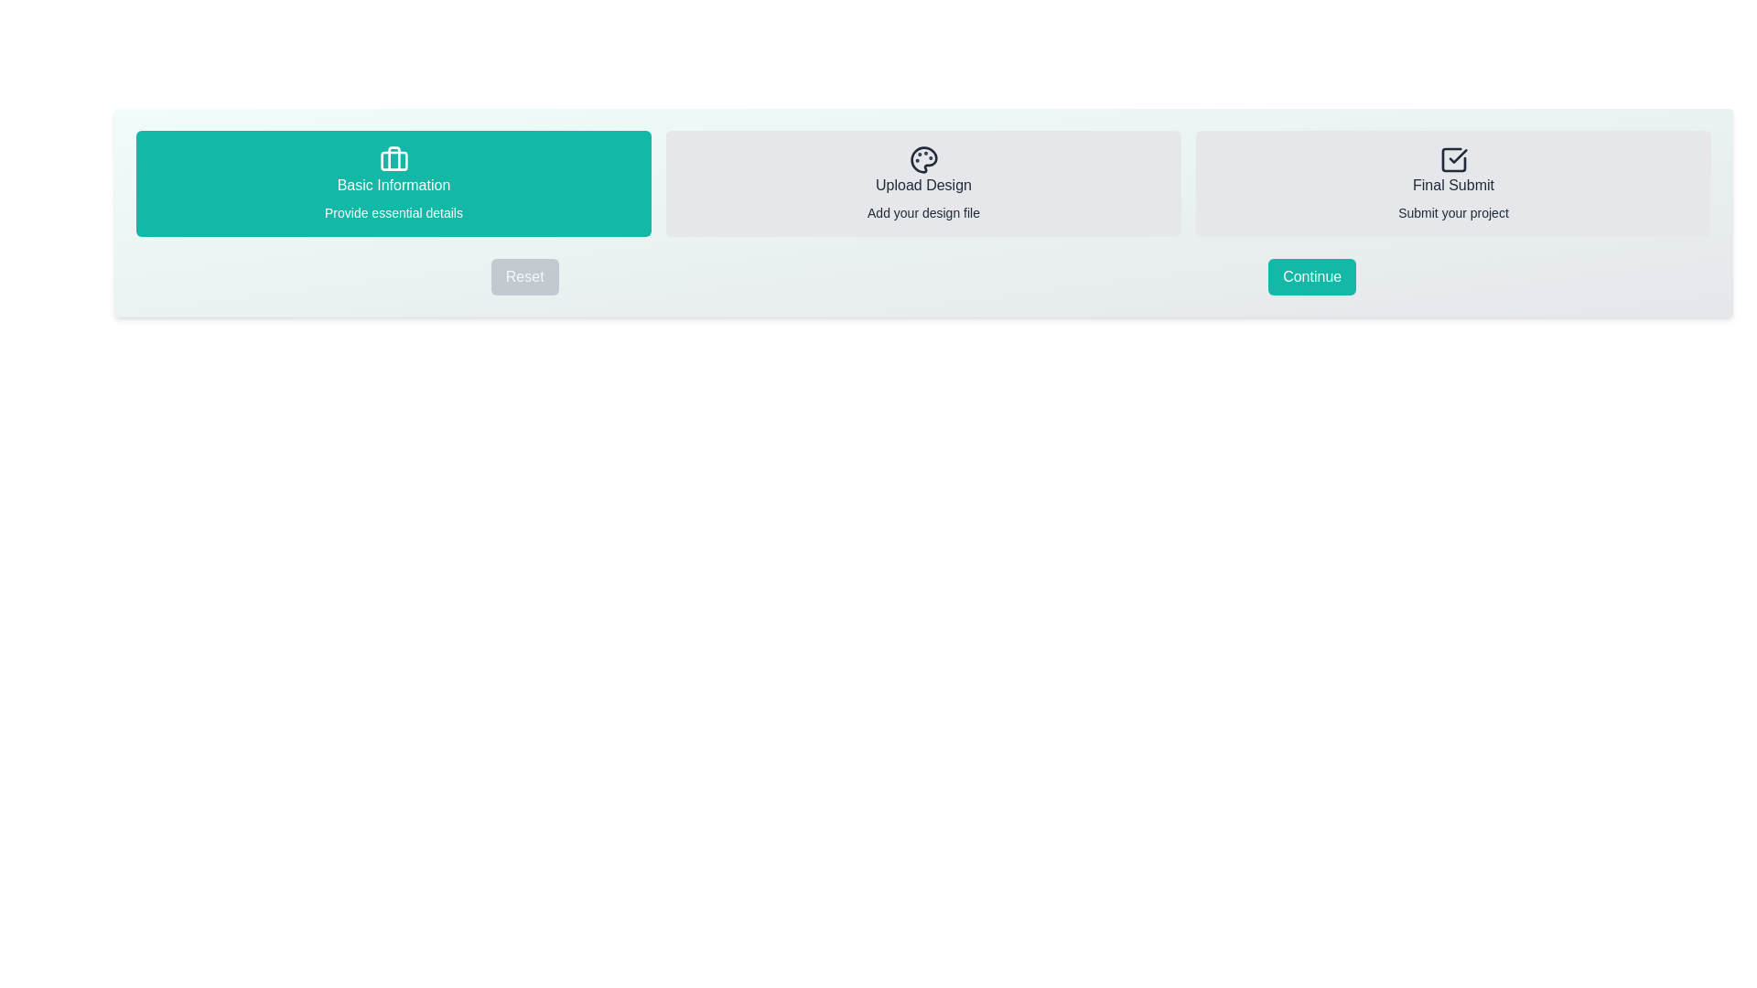 The width and height of the screenshot is (1757, 988). Describe the element at coordinates (523, 277) in the screenshot. I see `'Reset' button to reset the stepper to its initial state` at that location.